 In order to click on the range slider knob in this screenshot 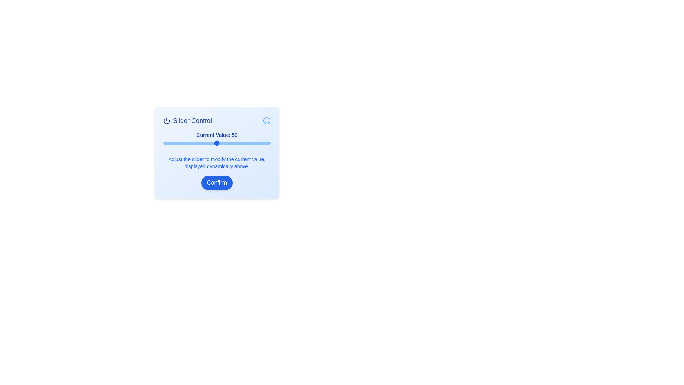, I will do `click(217, 143)`.